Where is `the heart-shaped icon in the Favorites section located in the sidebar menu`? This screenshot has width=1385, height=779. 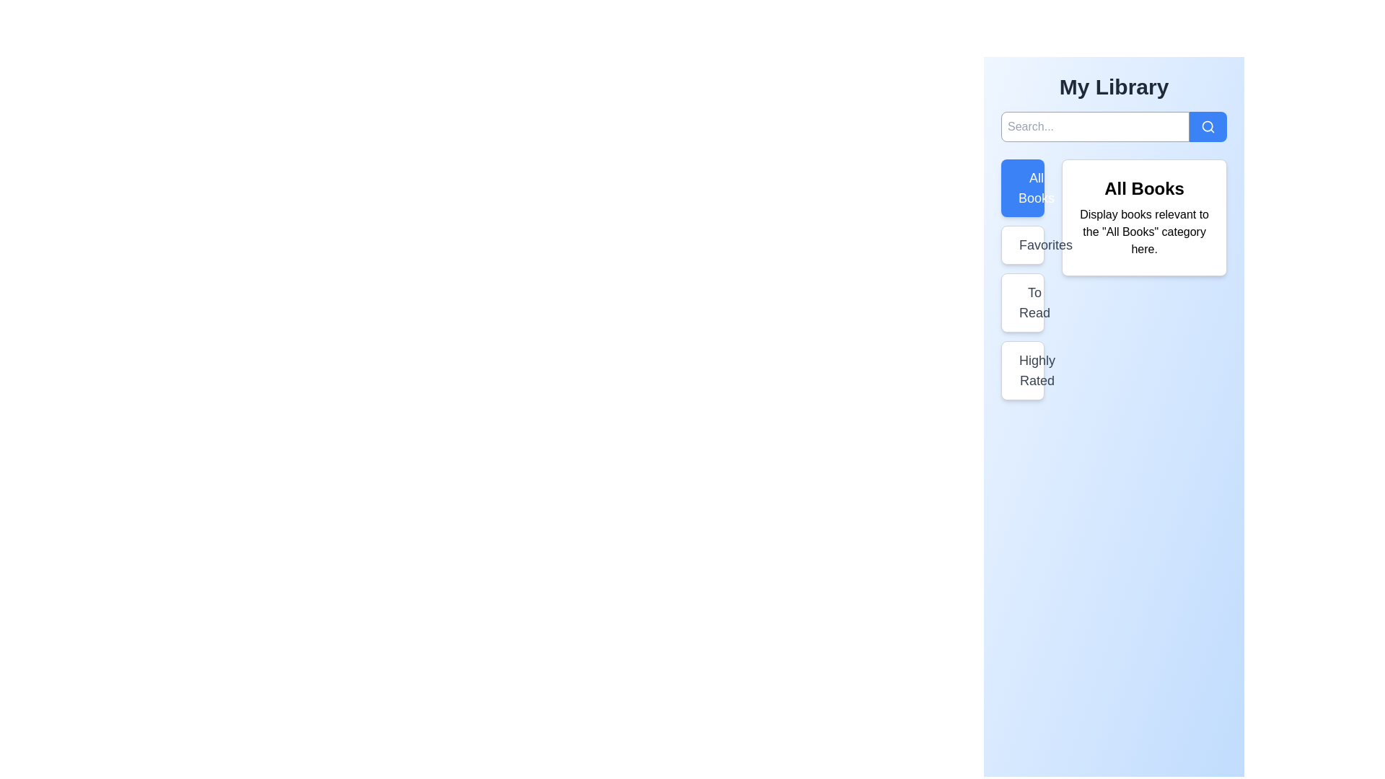 the heart-shaped icon in the Favorites section located in the sidebar menu is located at coordinates (1021, 244).